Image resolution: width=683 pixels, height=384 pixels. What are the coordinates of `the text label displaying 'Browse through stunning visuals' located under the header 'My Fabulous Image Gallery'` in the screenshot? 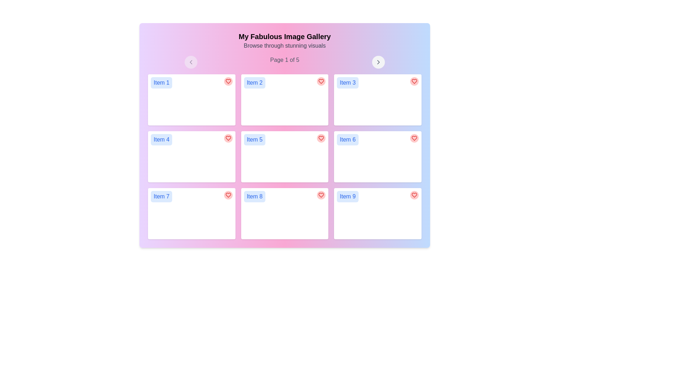 It's located at (285, 46).